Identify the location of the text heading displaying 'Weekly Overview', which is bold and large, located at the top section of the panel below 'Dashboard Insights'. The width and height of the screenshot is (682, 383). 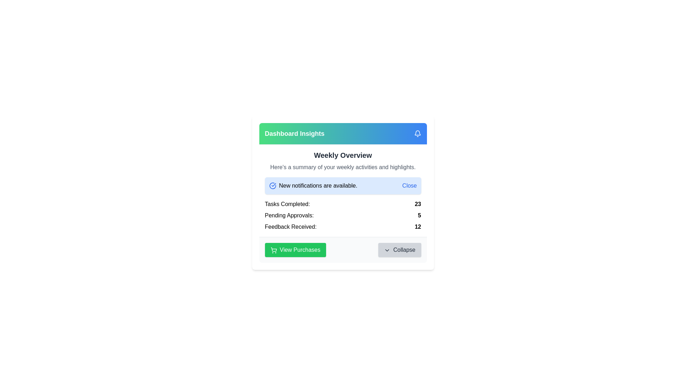
(343, 155).